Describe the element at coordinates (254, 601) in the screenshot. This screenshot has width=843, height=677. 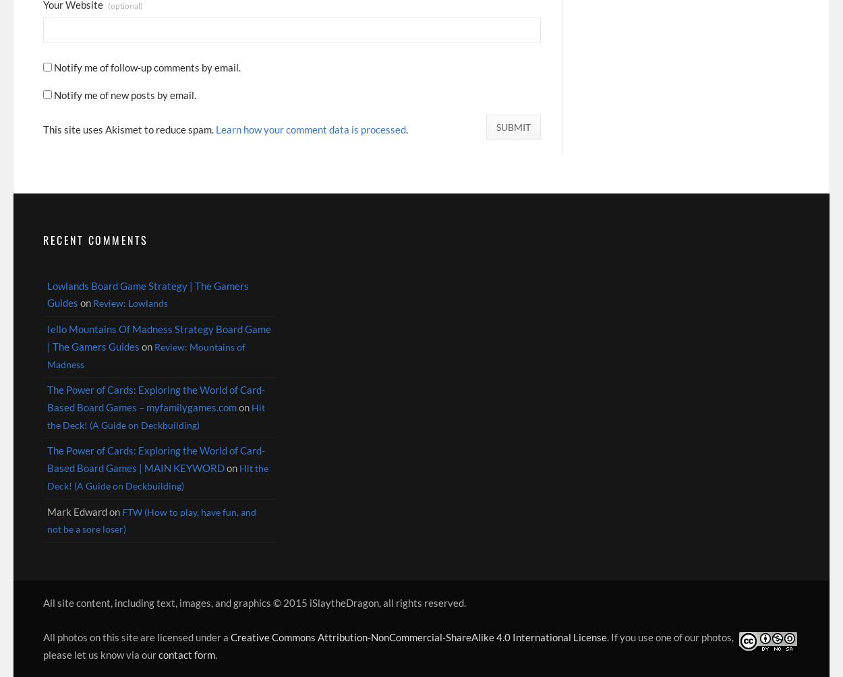
I see `'All site content, including text, images, and graphics © 2015 iSlaytheDragon, all rights reserved.'` at that location.